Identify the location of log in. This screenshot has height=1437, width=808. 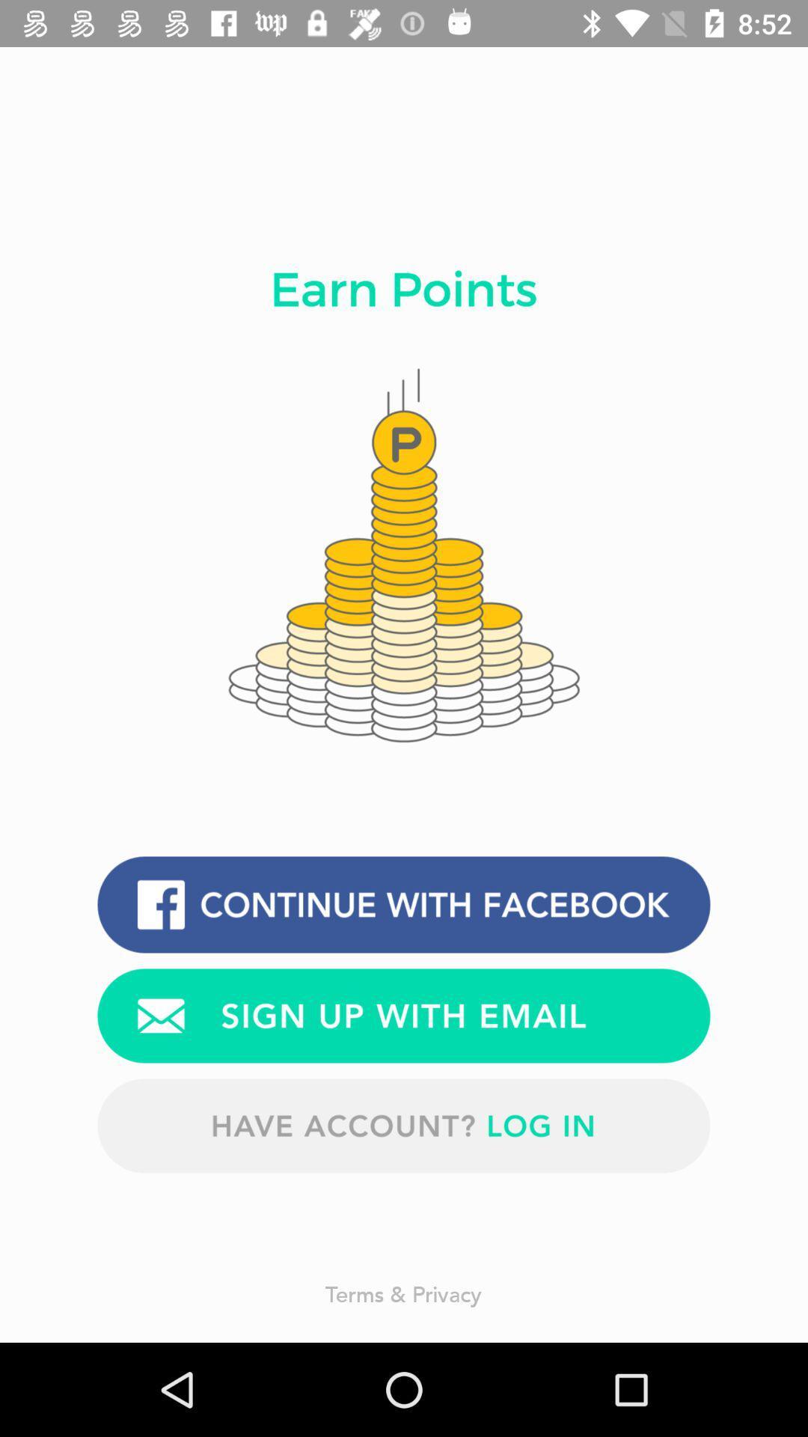
(404, 1126).